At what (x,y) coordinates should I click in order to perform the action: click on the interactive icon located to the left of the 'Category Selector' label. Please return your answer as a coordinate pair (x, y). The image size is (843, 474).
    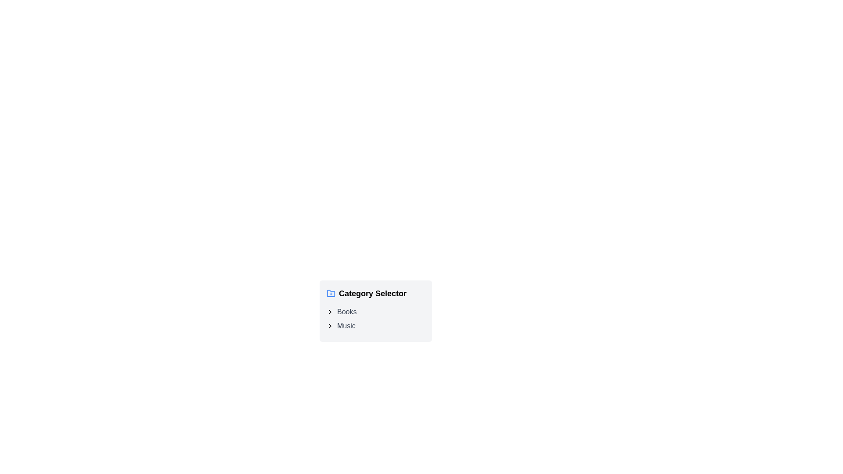
    Looking at the image, I should click on (330, 293).